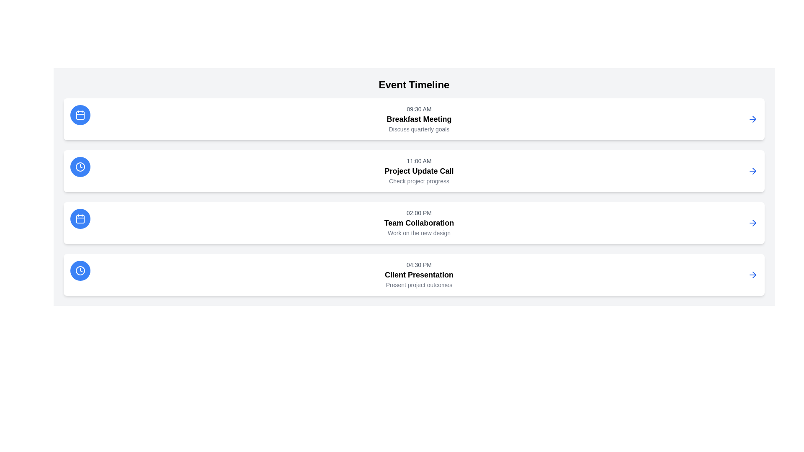 Image resolution: width=804 pixels, height=452 pixels. What do you see at coordinates (80, 115) in the screenshot?
I see `the calendar icon with a grid-like design, styled in blue and white, located in the topmost left corner of the list items, which is part of the 'Breakfast Meeting' circular button` at bounding box center [80, 115].